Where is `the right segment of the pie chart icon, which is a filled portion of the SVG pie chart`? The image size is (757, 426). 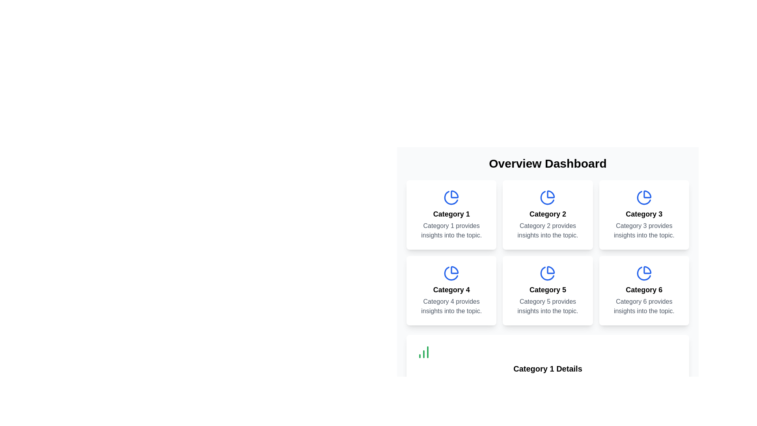
the right segment of the pie chart icon, which is a filled portion of the SVG pie chart is located at coordinates (647, 194).